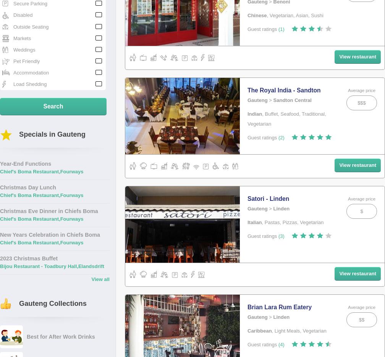 The height and width of the screenshot is (357, 385). Describe the element at coordinates (313, 114) in the screenshot. I see `'Traditional'` at that location.